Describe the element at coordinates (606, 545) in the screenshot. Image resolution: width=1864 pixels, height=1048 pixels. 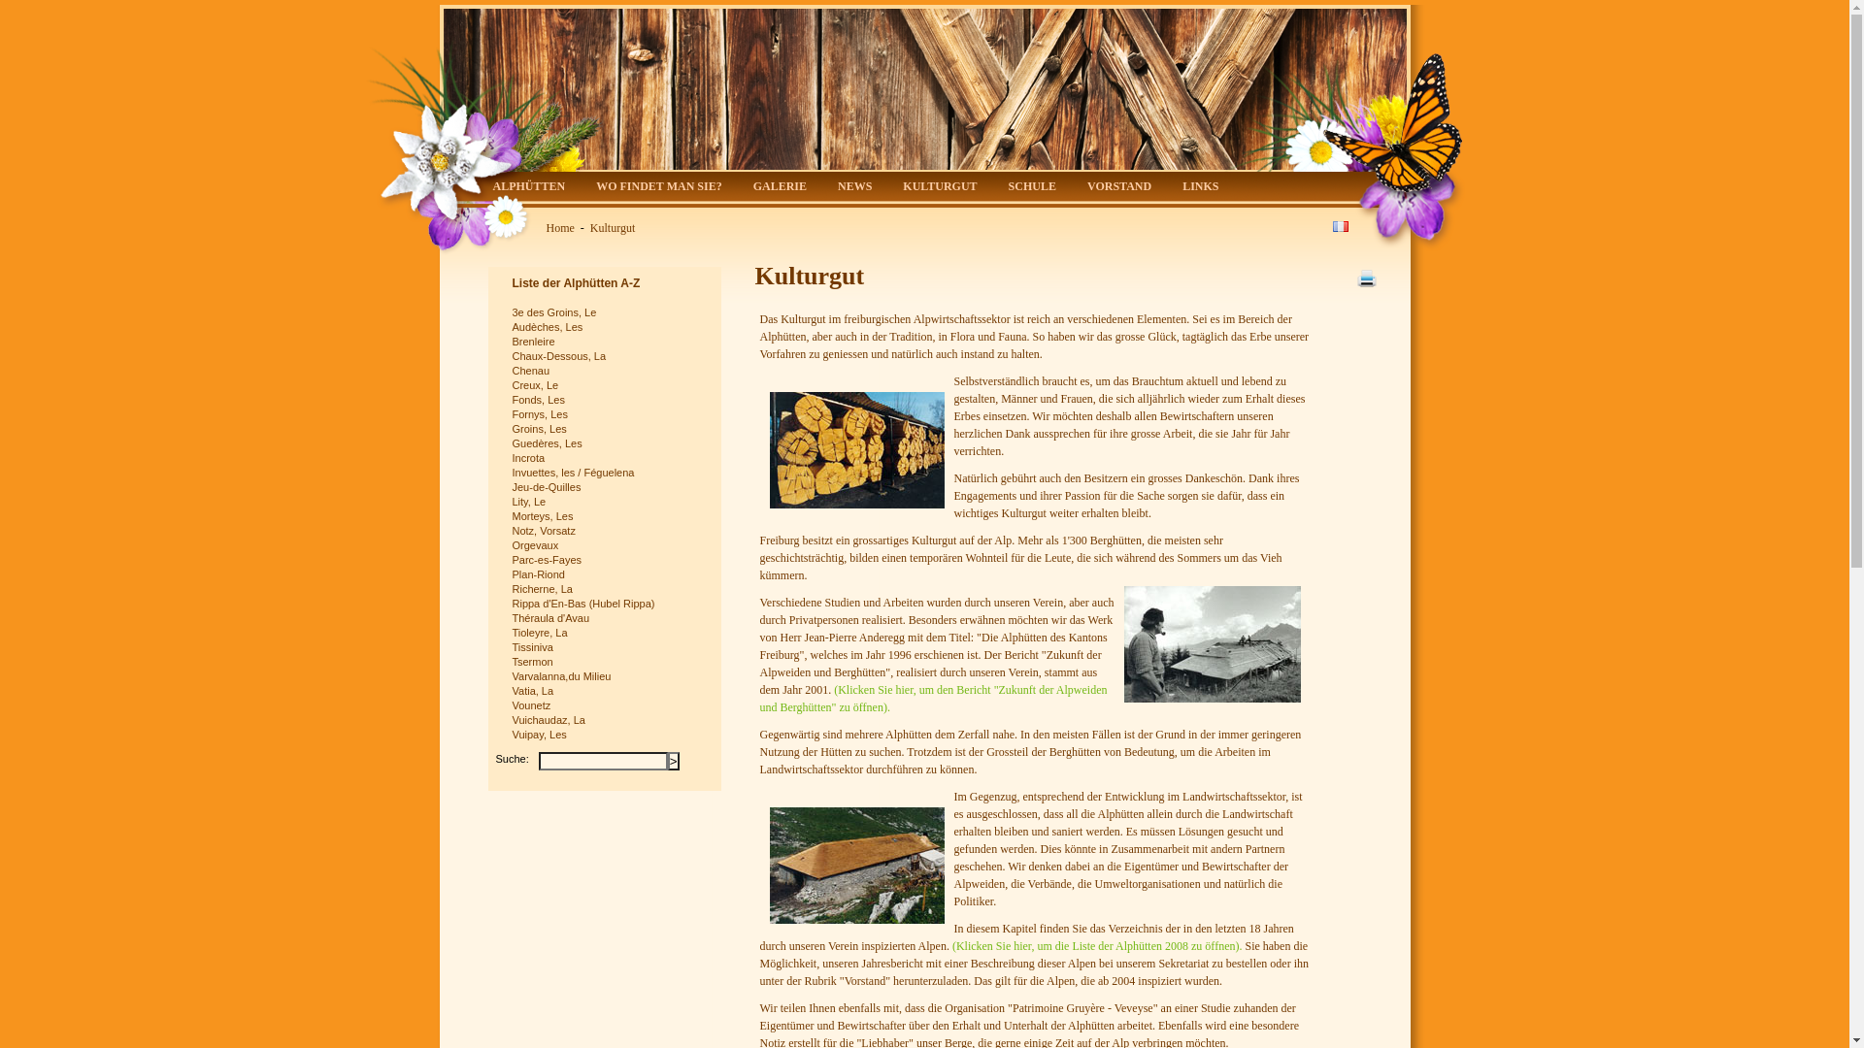
I see `'Orgevaux'` at that location.